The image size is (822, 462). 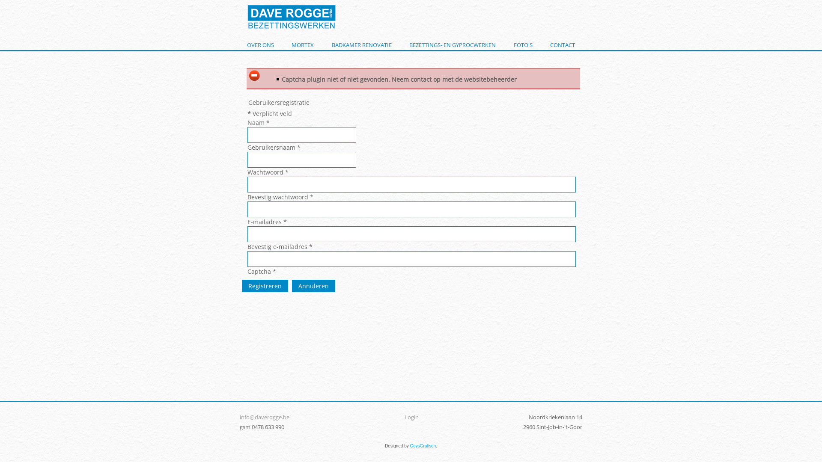 I want to click on 'GeysGrafisch', so click(x=423, y=445).